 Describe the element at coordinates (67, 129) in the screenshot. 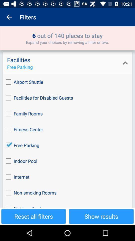

I see `fitness center checkbox` at that location.